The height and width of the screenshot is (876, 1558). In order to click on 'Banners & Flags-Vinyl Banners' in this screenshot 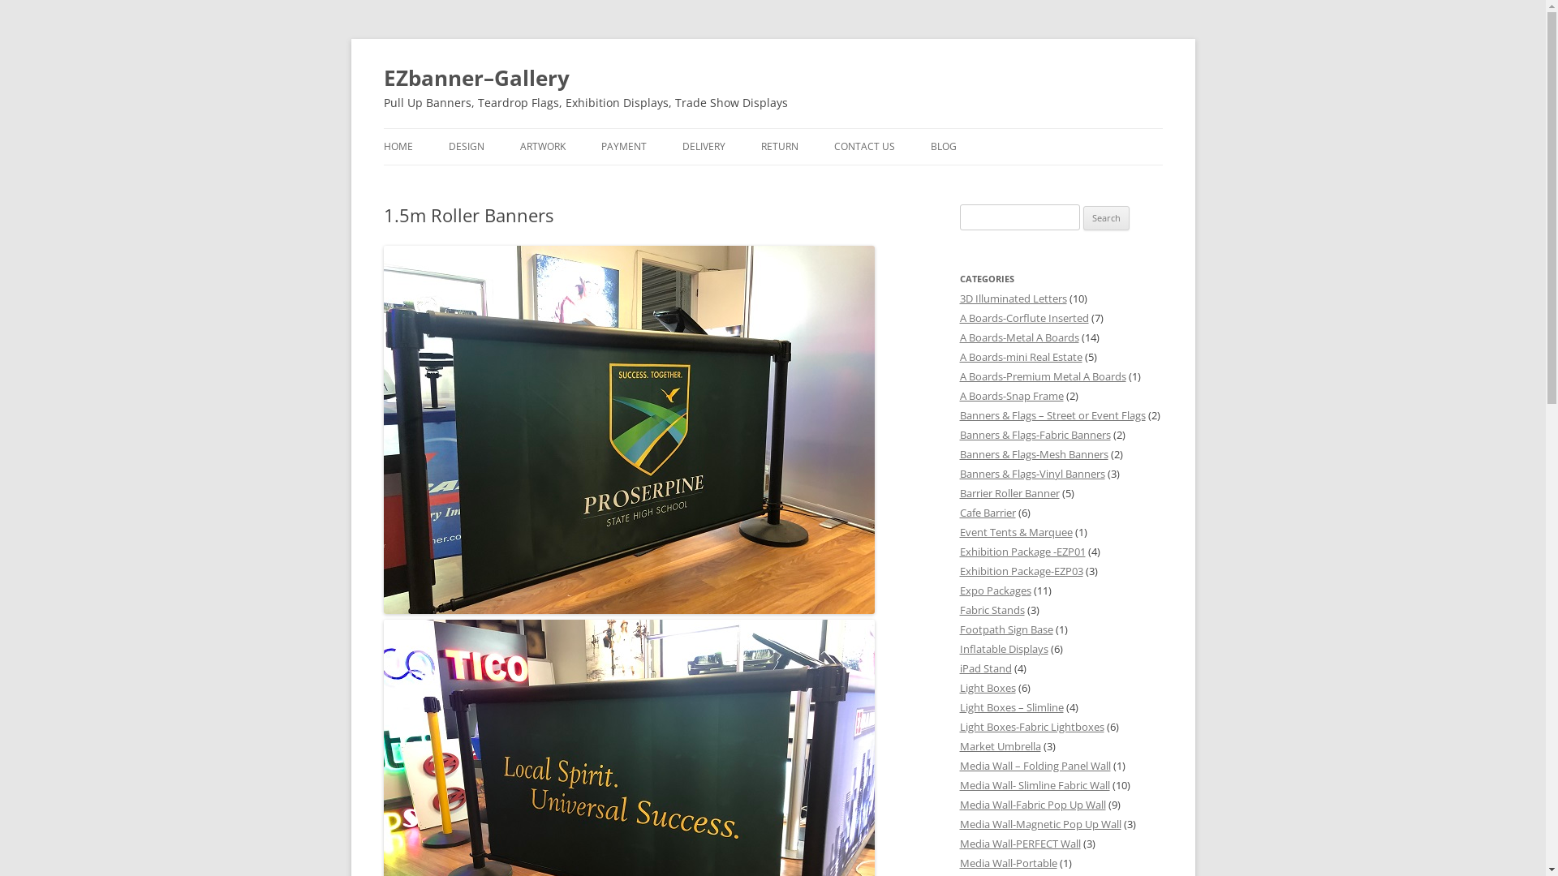, I will do `click(1031, 473)`.